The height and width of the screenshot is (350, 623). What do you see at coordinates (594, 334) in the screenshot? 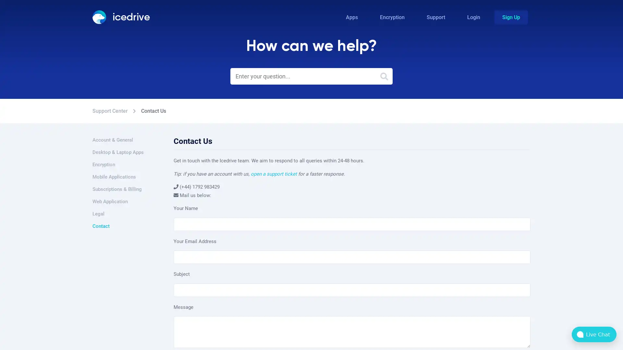
I see `bubble-icon Live Chat` at bounding box center [594, 334].